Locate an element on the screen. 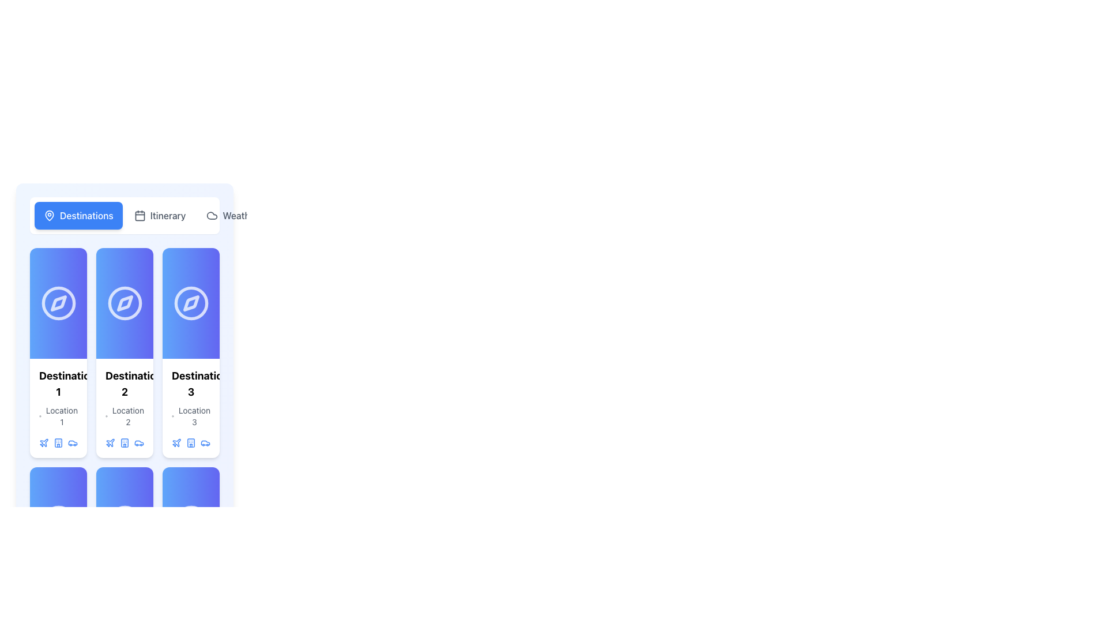  the car icon located in the second card below the label 'Destination 2, Location 2' is located at coordinates (138, 442).